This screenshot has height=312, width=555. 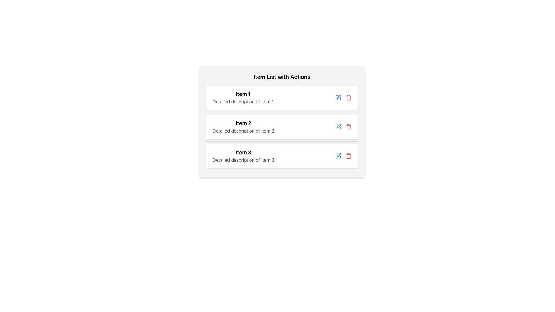 What do you see at coordinates (338, 156) in the screenshot?
I see `the interactive blue-colored pen icon located in the actions section of 'Item 3' for keyboard navigation` at bounding box center [338, 156].